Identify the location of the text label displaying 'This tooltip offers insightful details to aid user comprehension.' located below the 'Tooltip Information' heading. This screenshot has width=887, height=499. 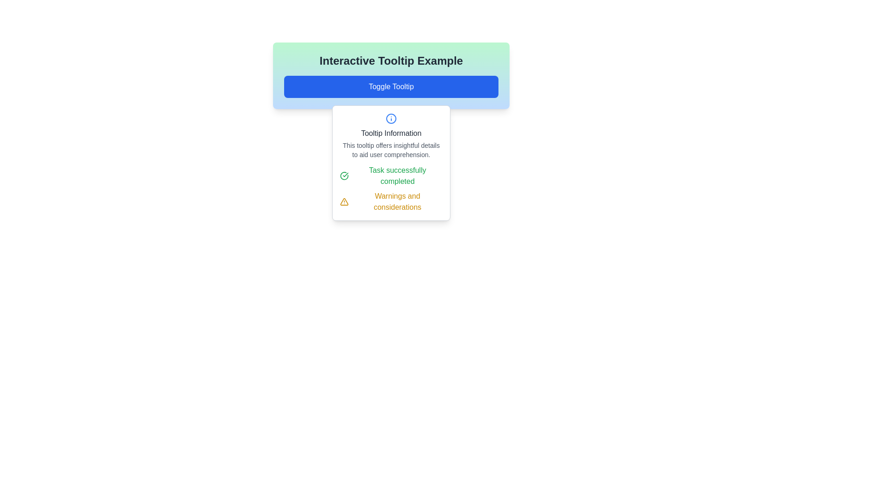
(391, 149).